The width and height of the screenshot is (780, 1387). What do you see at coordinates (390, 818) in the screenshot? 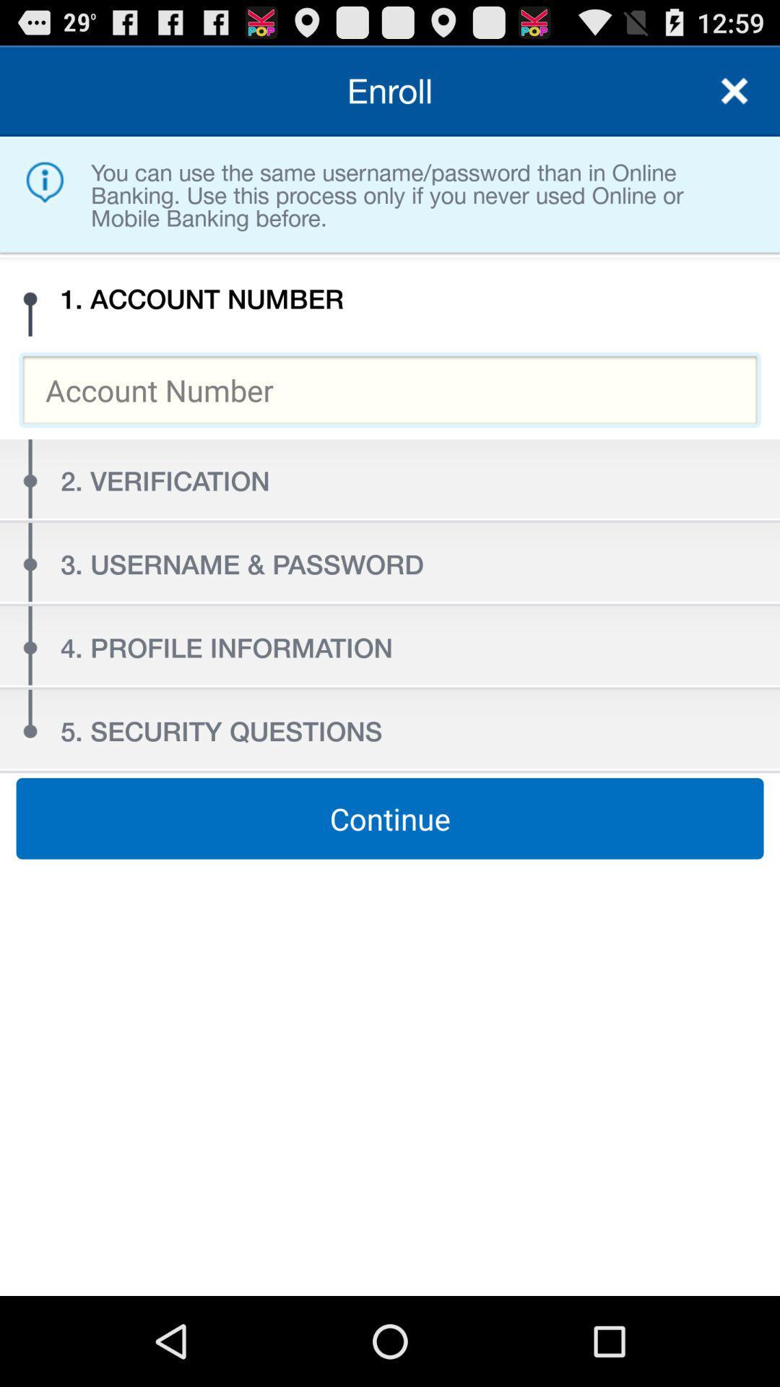
I see `the icon below the 5. security questions item` at bounding box center [390, 818].